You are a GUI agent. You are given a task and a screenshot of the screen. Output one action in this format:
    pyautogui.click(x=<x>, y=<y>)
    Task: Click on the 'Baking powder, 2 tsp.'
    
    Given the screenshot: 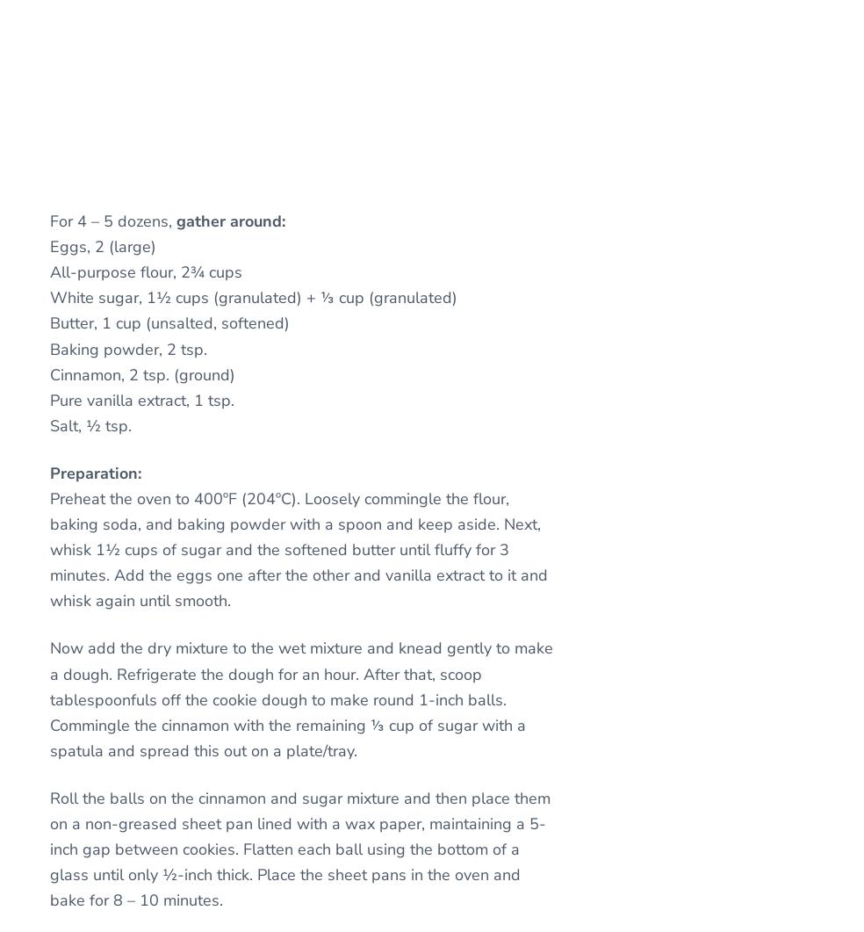 What is the action you would take?
    pyautogui.click(x=128, y=349)
    